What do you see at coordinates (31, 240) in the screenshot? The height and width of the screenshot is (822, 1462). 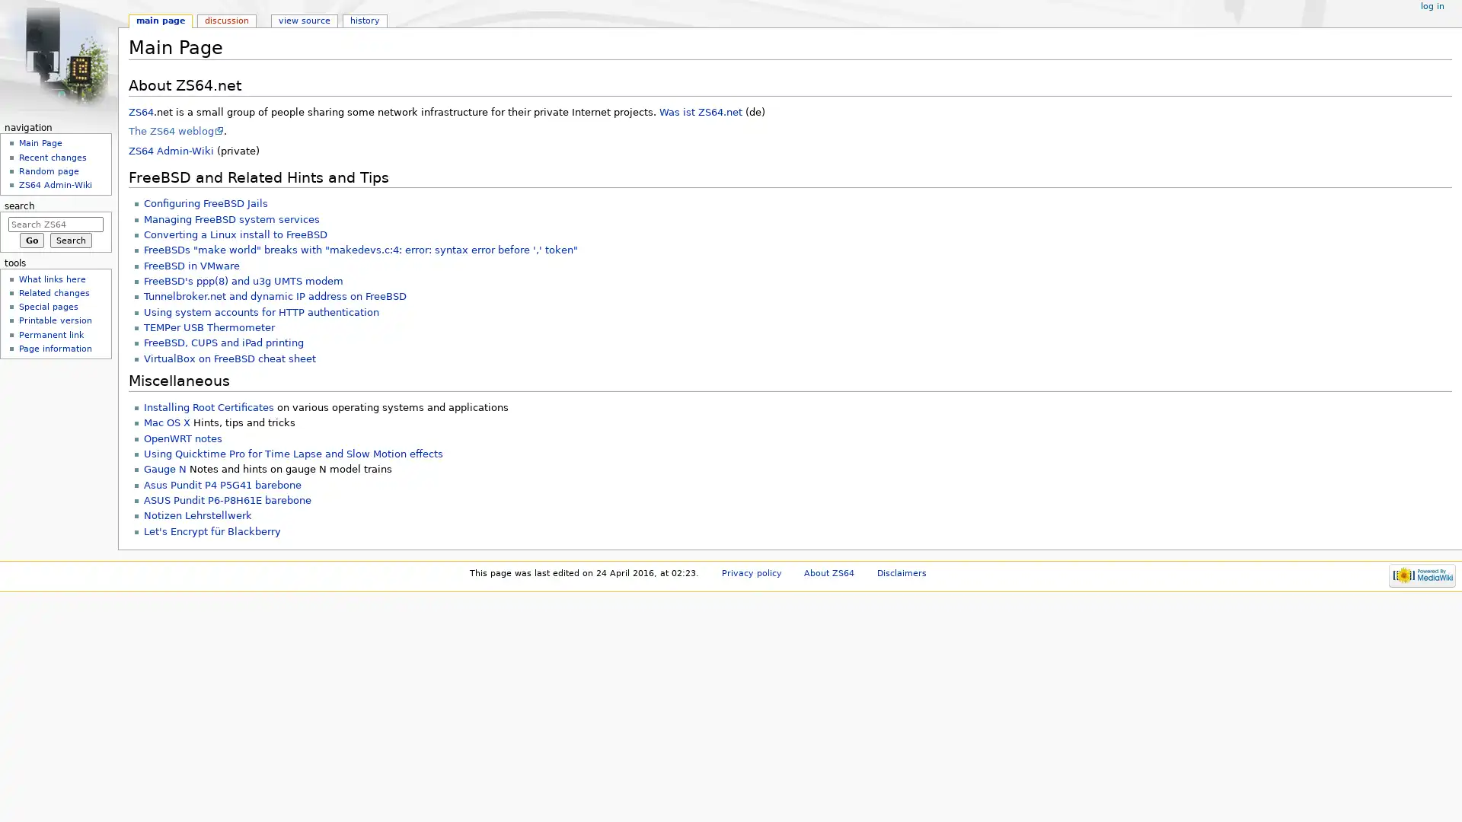 I see `Go` at bounding box center [31, 240].